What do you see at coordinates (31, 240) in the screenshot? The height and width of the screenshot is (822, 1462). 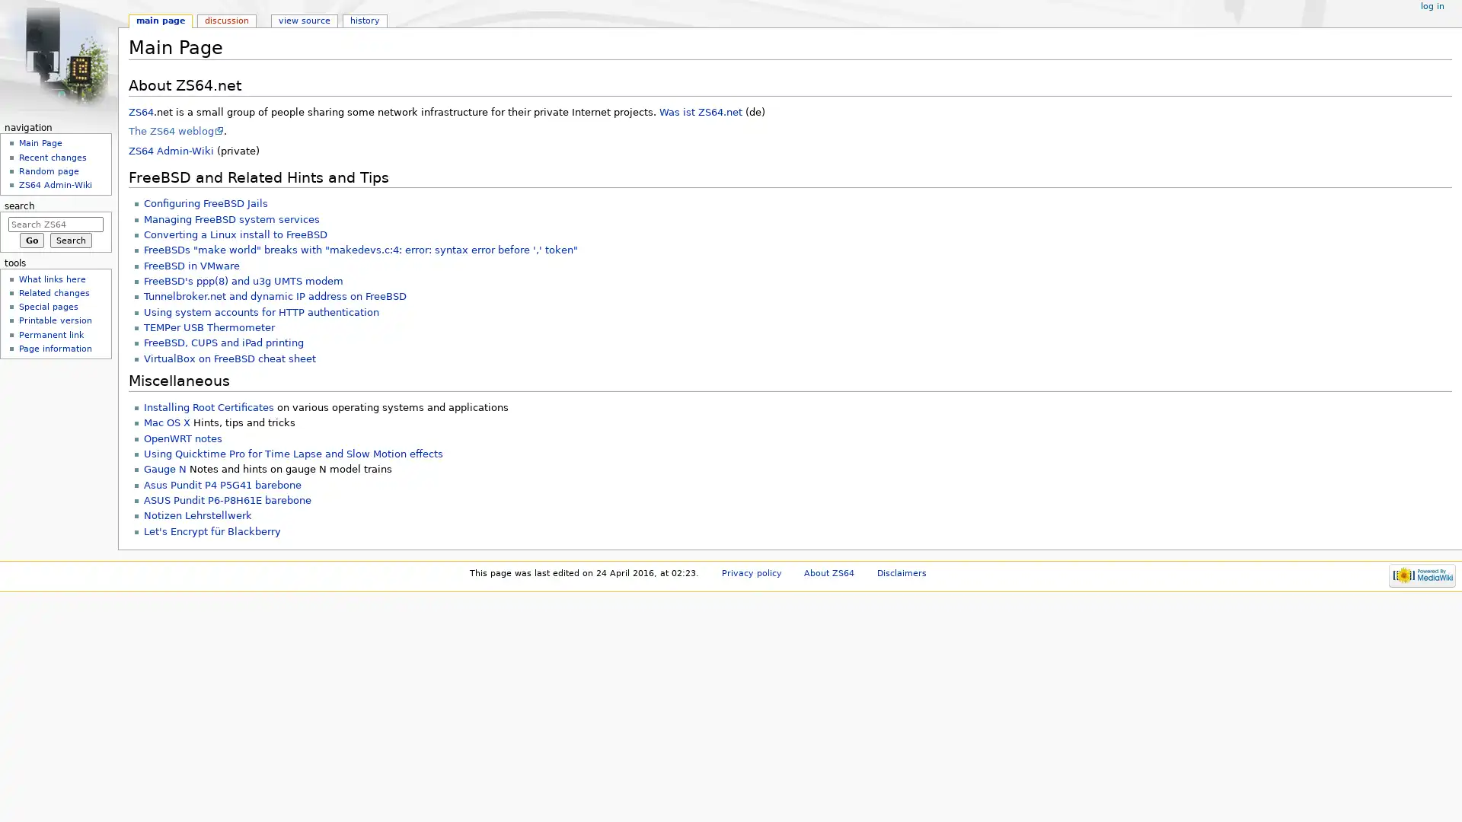 I see `Go` at bounding box center [31, 240].